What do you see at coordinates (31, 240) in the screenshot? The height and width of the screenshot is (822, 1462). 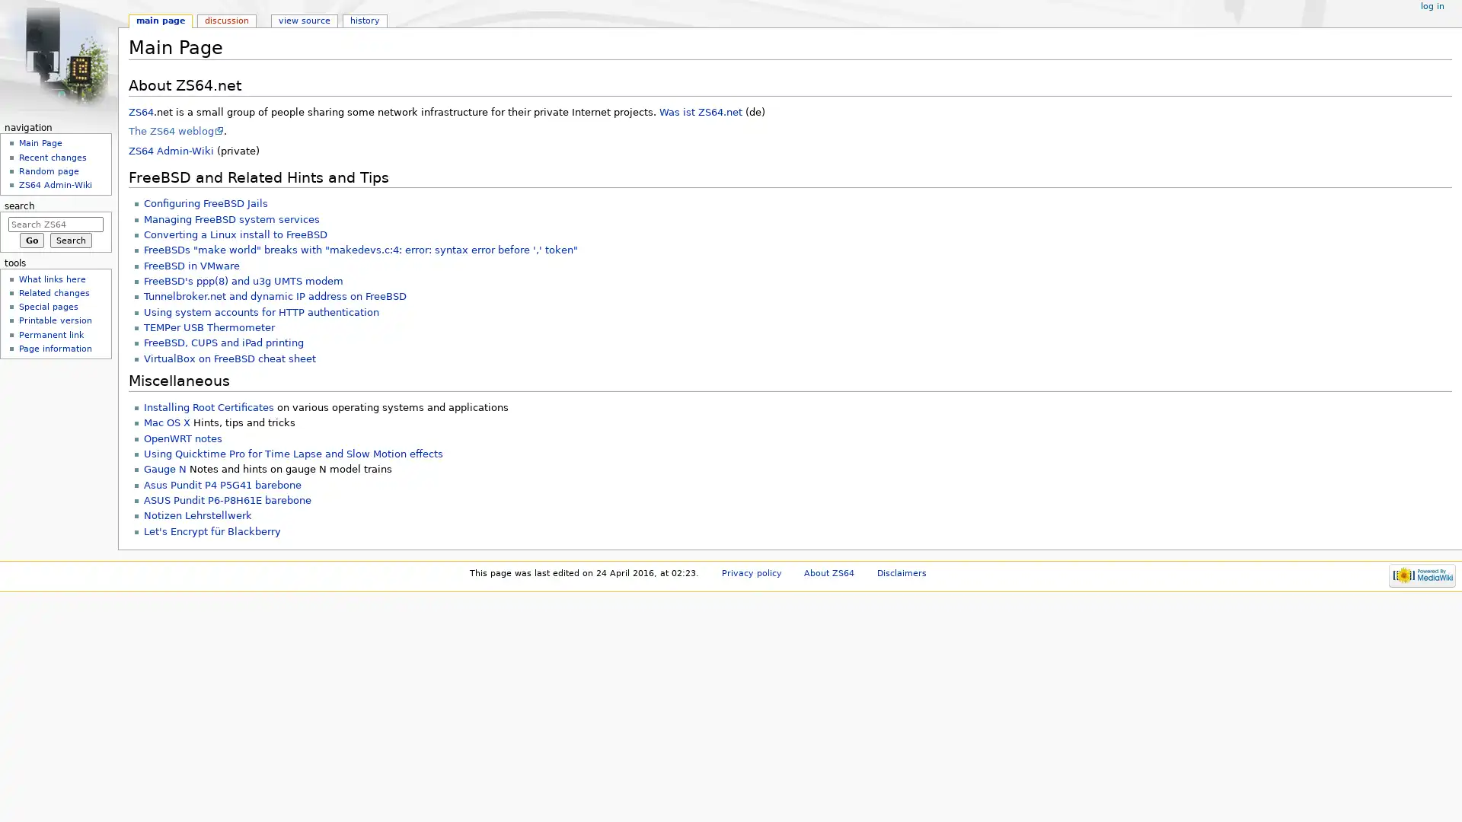 I see `Go` at bounding box center [31, 240].